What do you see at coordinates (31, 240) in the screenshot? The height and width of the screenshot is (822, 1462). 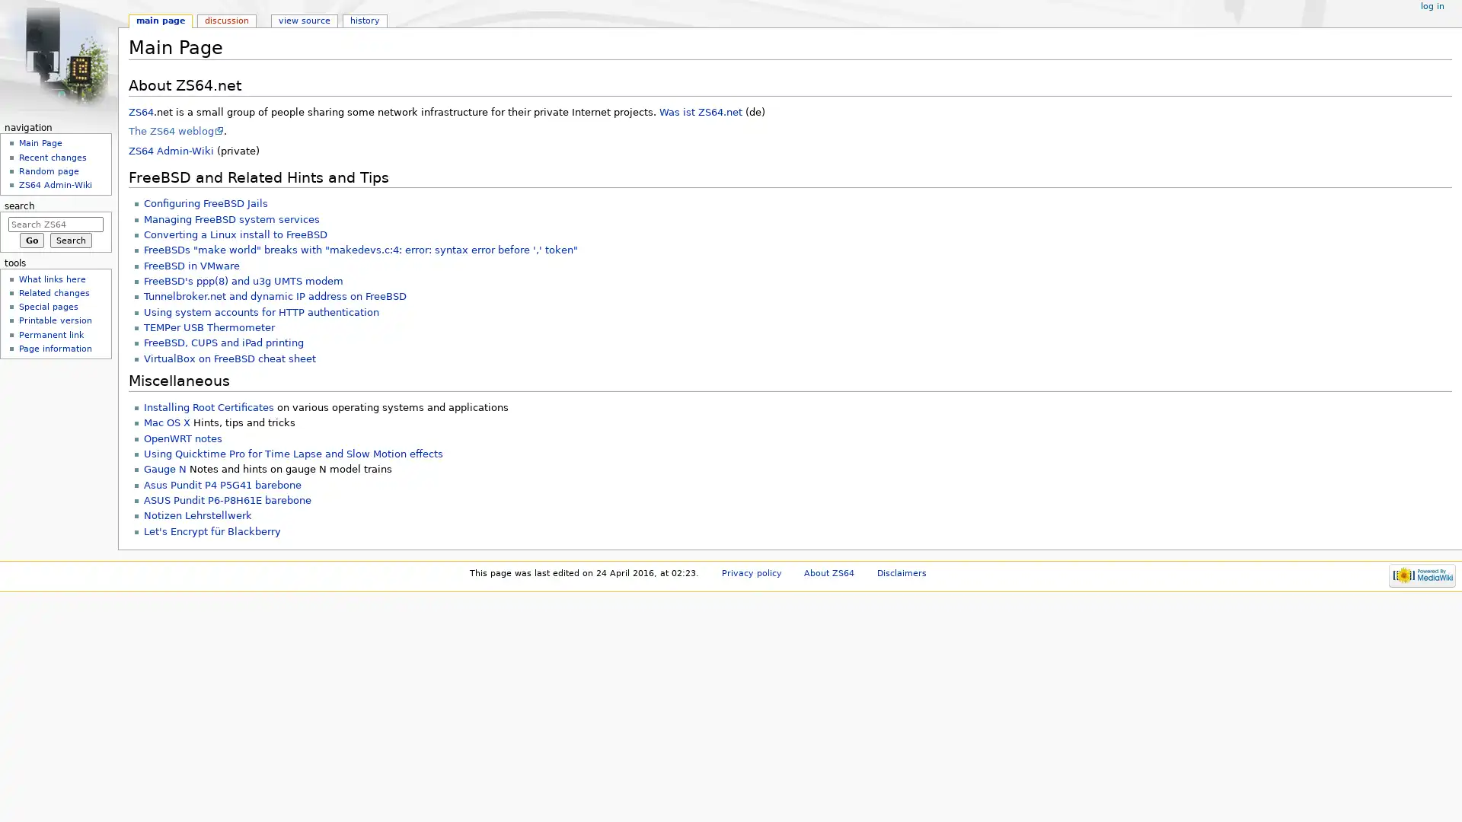 I see `Go` at bounding box center [31, 240].